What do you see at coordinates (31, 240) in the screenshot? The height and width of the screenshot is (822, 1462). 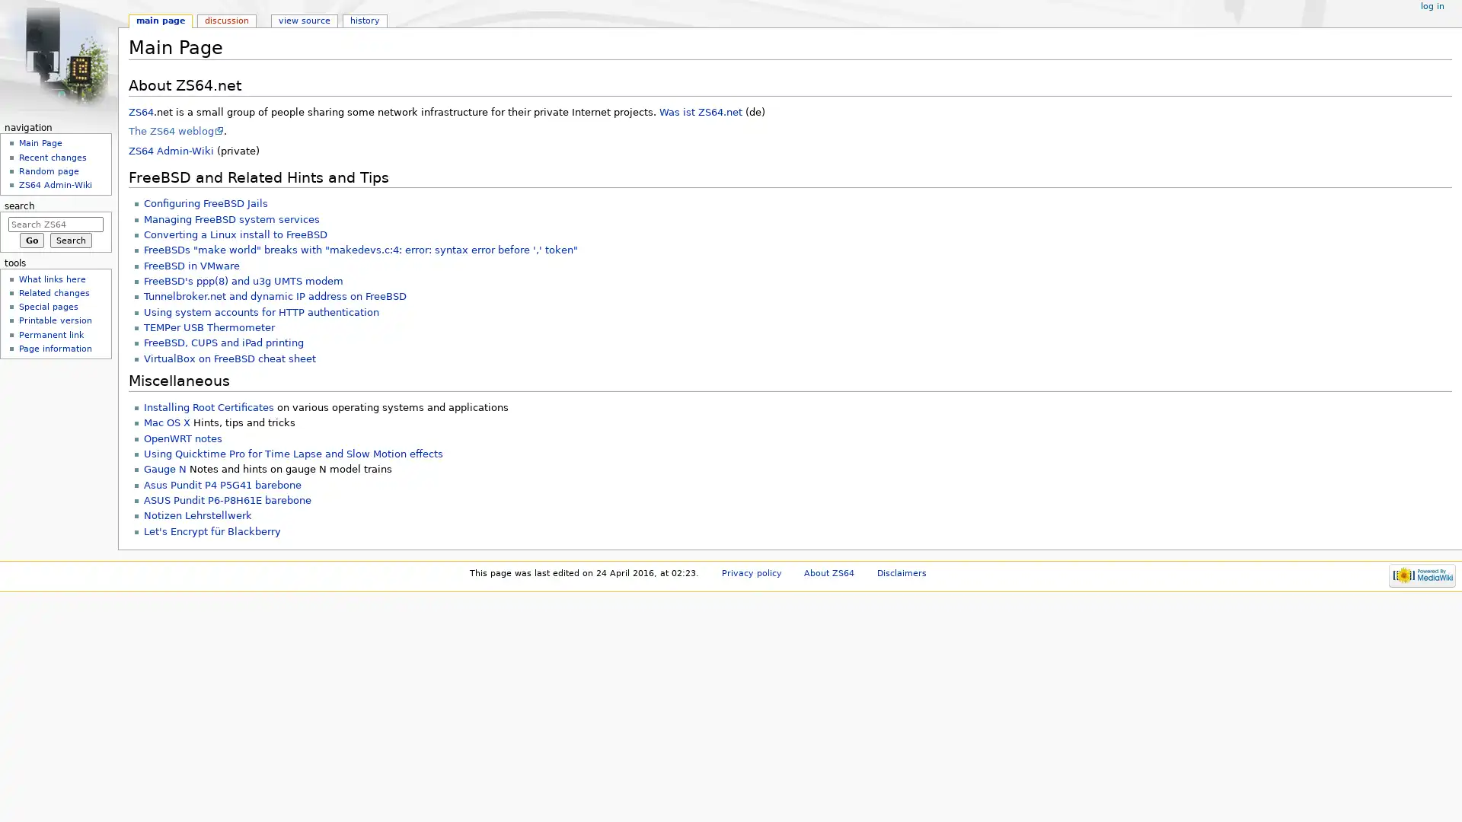 I see `Go` at bounding box center [31, 240].